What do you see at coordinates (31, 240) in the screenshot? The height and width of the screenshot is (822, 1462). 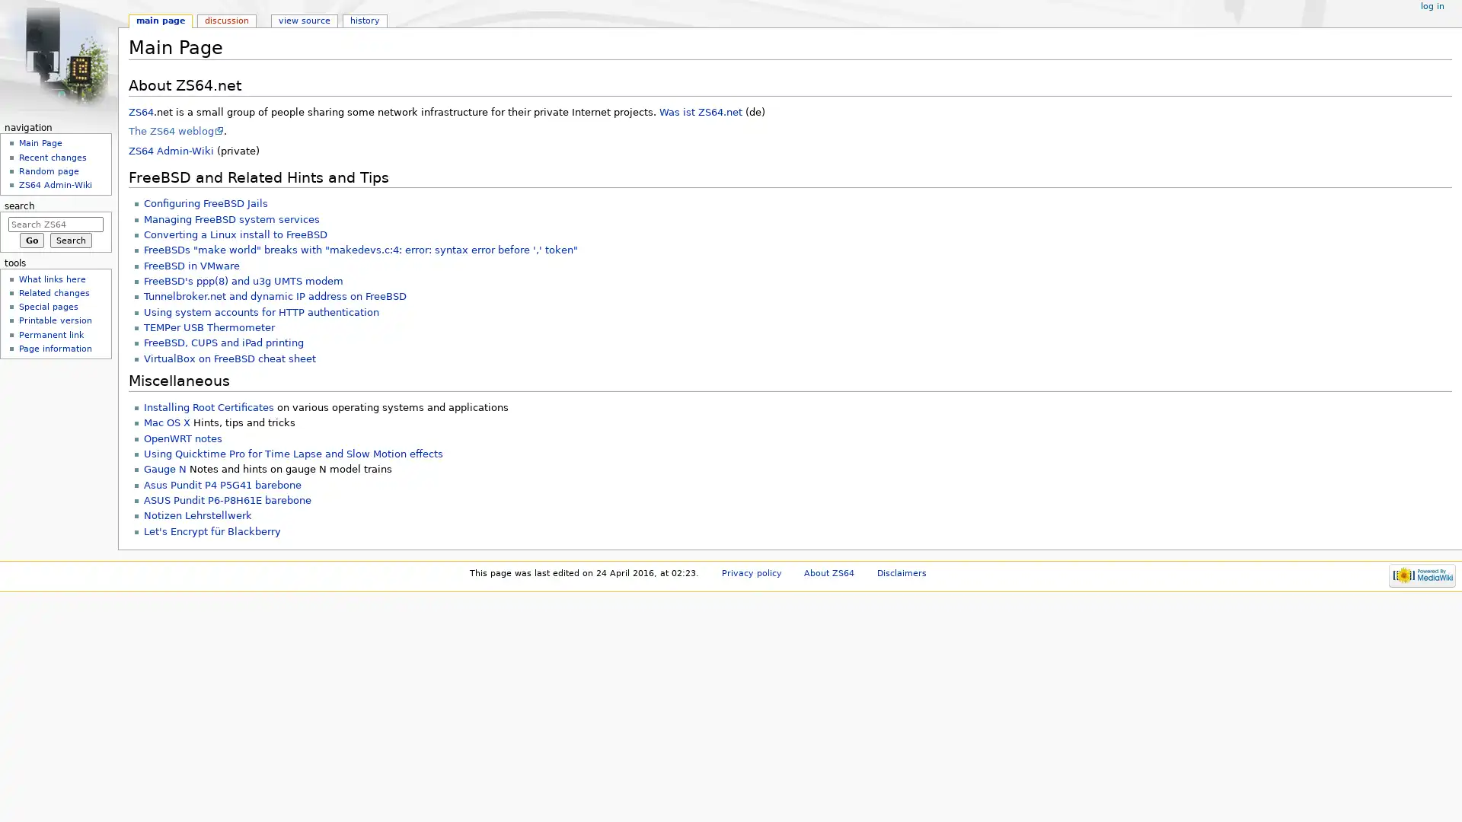 I see `Go` at bounding box center [31, 240].